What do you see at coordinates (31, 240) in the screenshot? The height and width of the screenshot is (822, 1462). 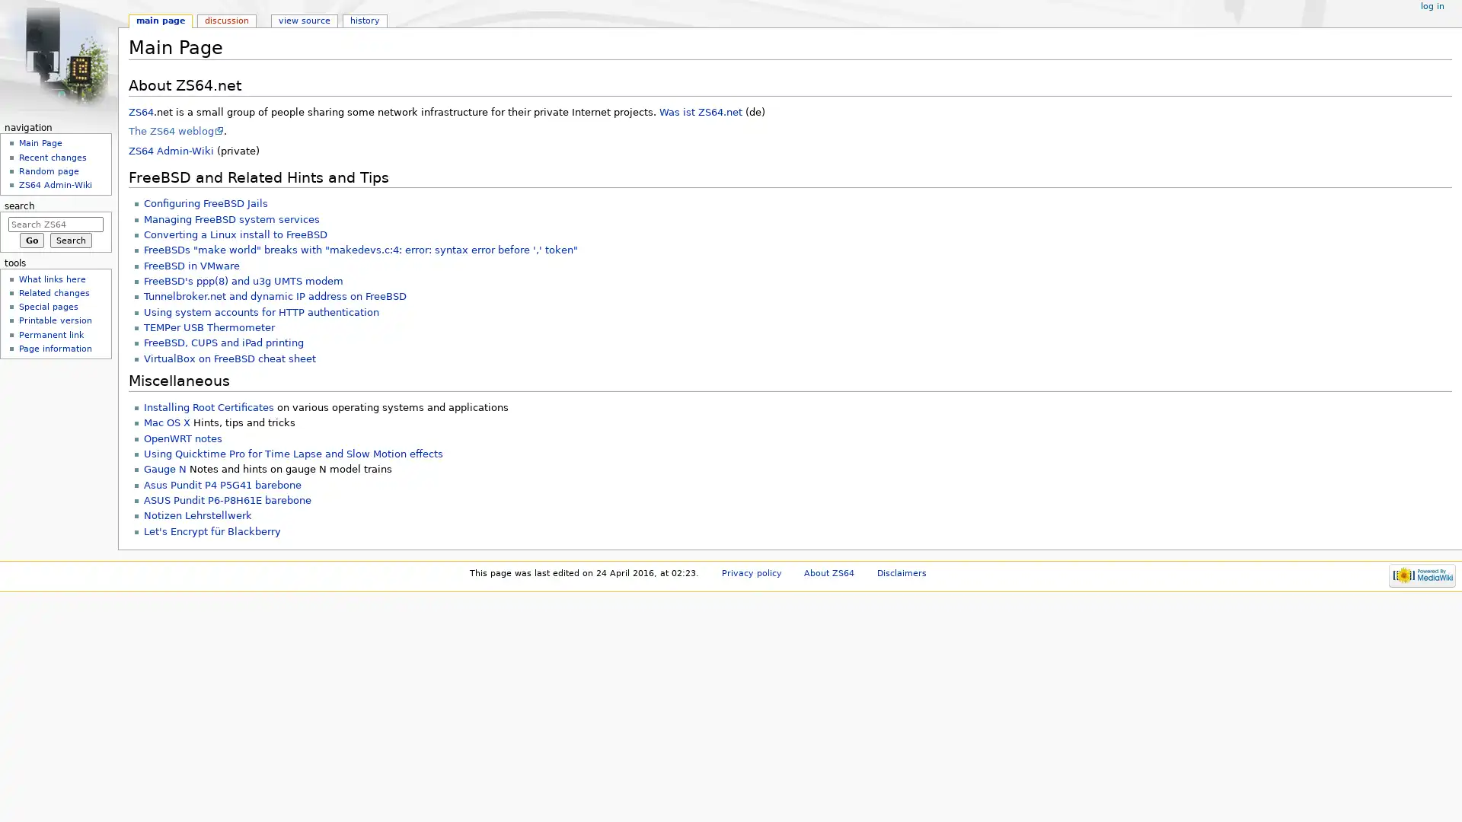 I see `Go` at bounding box center [31, 240].